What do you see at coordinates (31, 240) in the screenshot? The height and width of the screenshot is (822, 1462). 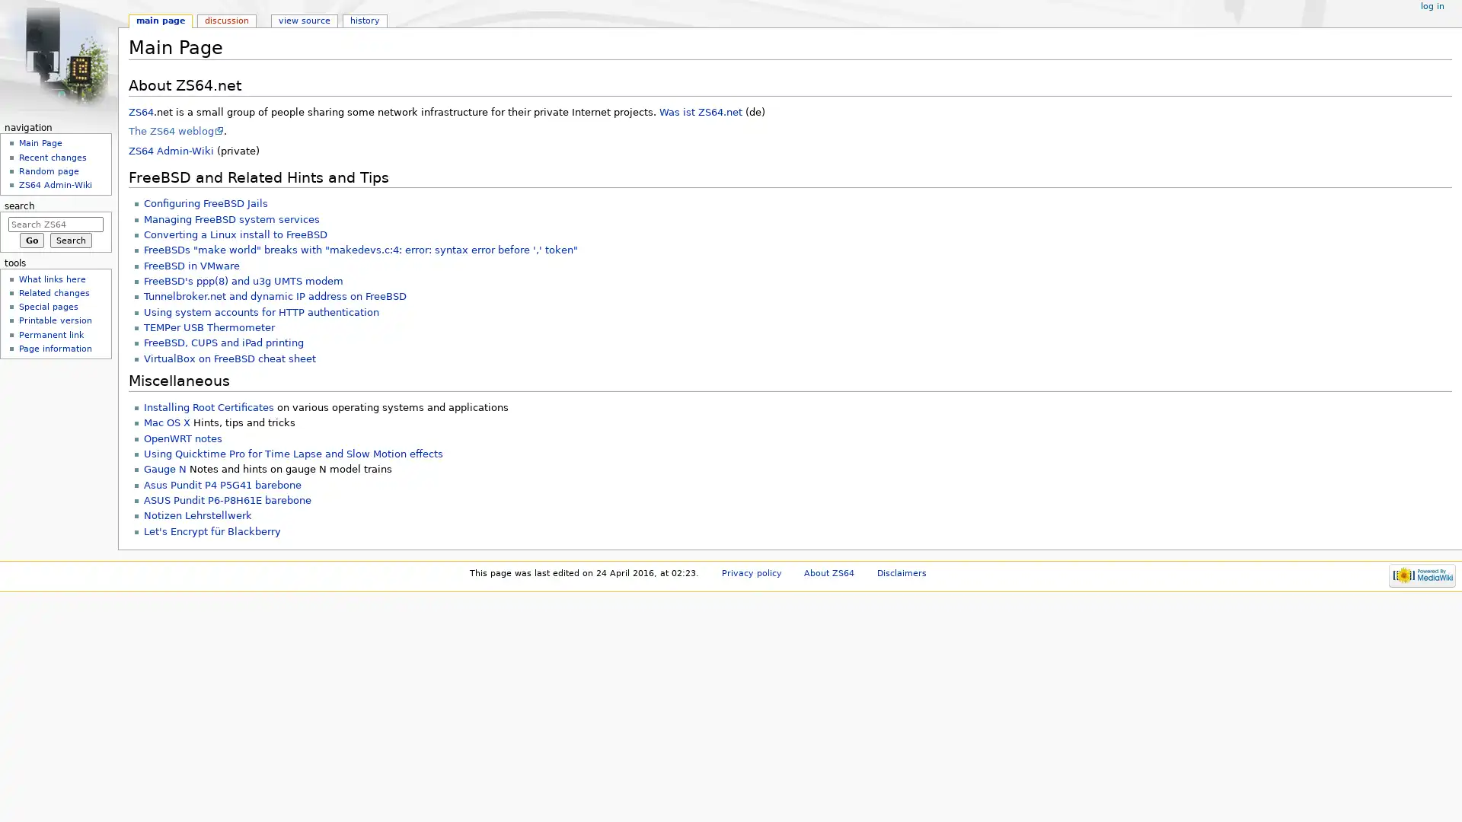 I see `Go` at bounding box center [31, 240].